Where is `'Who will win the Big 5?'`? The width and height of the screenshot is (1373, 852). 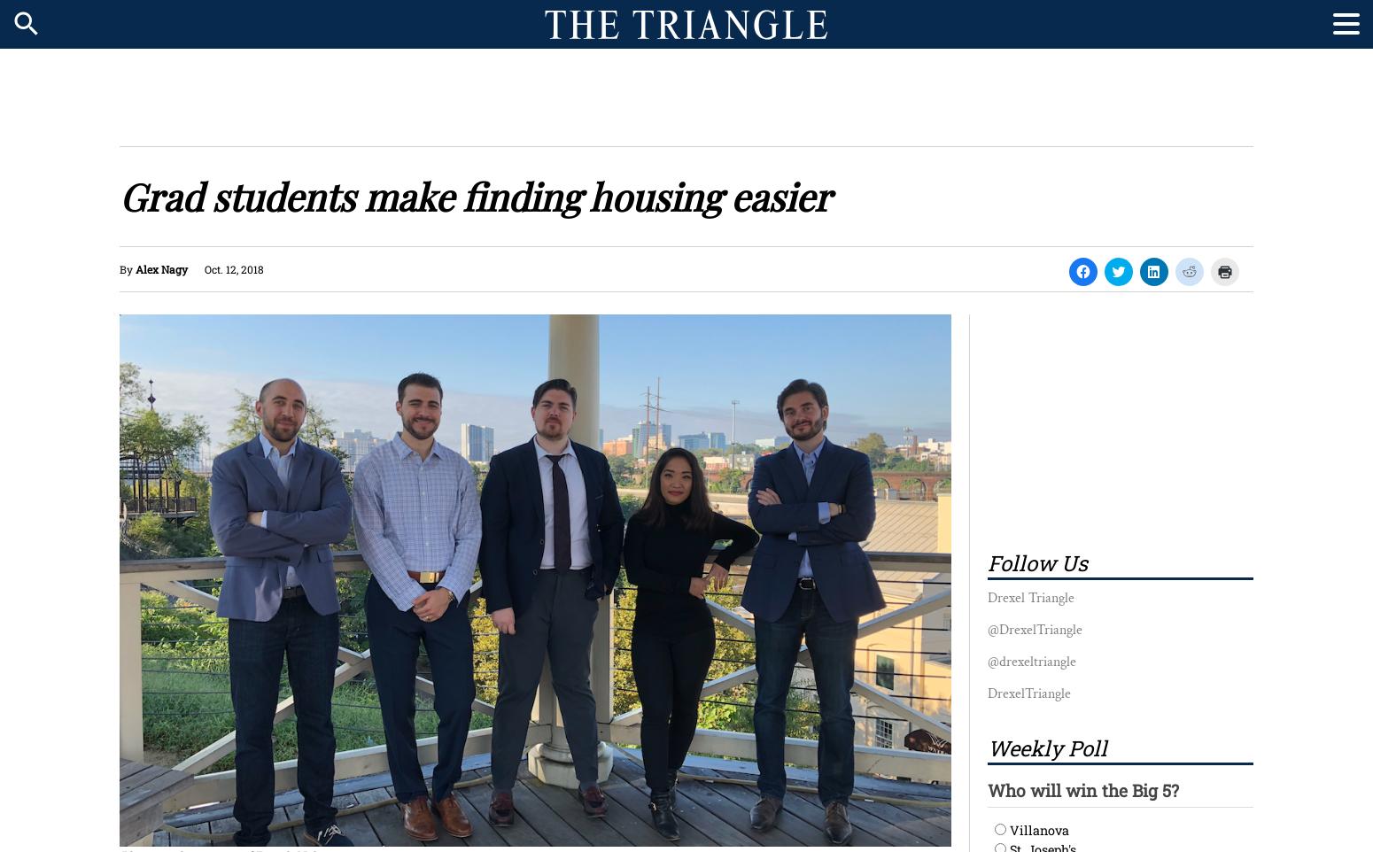 'Who will win the Big 5?' is located at coordinates (987, 789).